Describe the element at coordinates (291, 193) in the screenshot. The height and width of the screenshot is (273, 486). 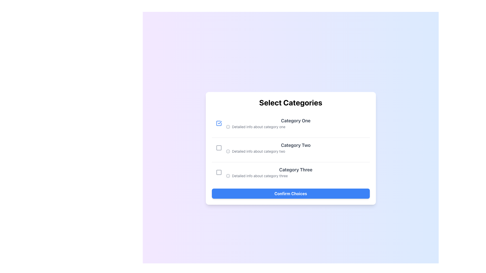
I see `the 'Confirm Choices' button, which is a bright blue rectangular button with rounded corners and white bold text, to observe its hover effect` at that location.